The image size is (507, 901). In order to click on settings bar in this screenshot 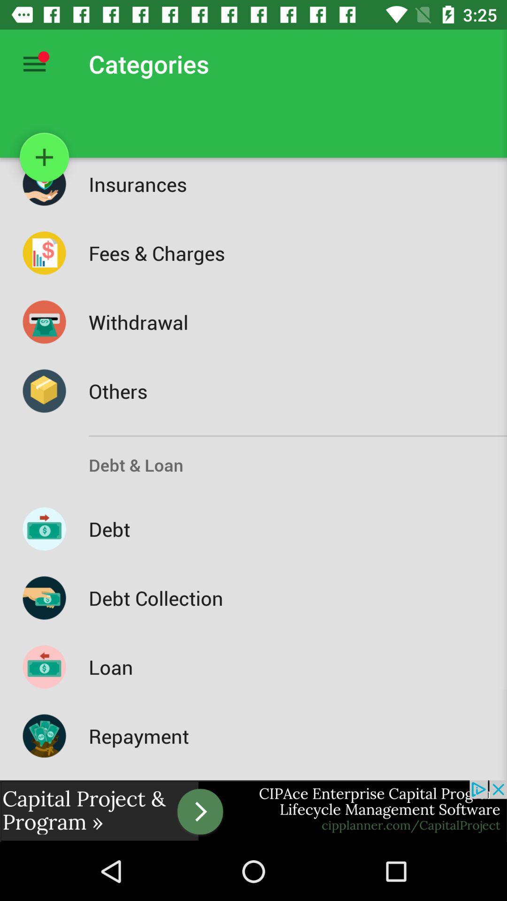, I will do `click(34, 63)`.